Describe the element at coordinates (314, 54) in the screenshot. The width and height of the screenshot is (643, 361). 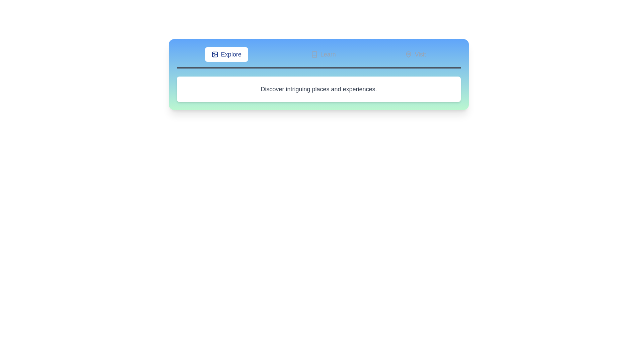
I see `the 'Learn' button which contains a book icon positioned to the left of the text label 'Learn'` at that location.